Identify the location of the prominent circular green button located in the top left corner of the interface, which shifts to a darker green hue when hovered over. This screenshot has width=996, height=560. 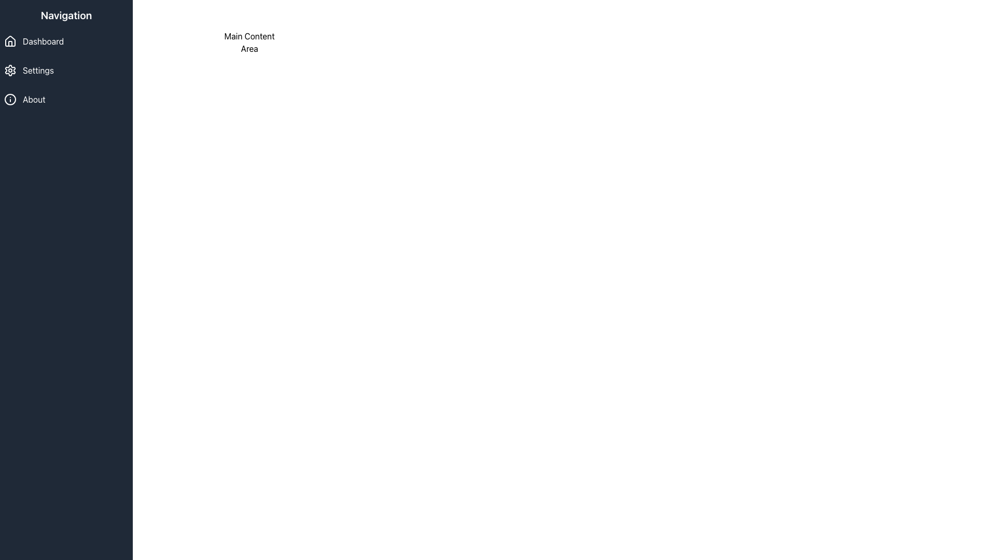
(18, 18).